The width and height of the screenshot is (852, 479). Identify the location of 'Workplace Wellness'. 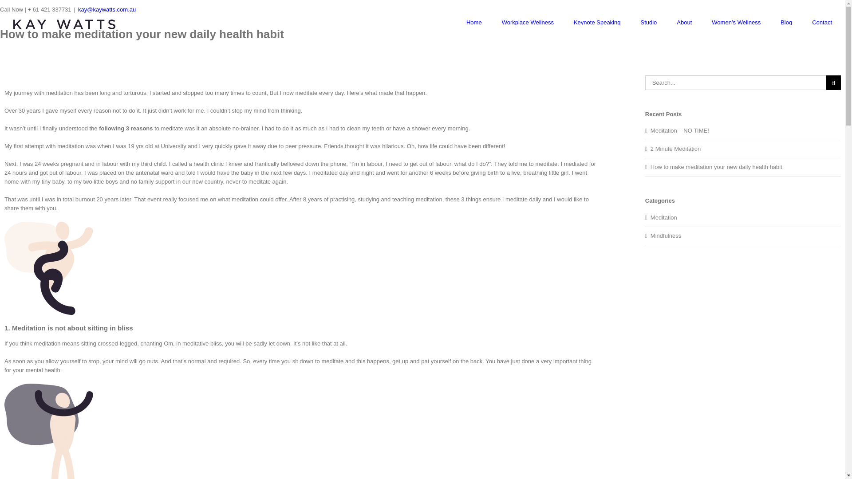
(528, 22).